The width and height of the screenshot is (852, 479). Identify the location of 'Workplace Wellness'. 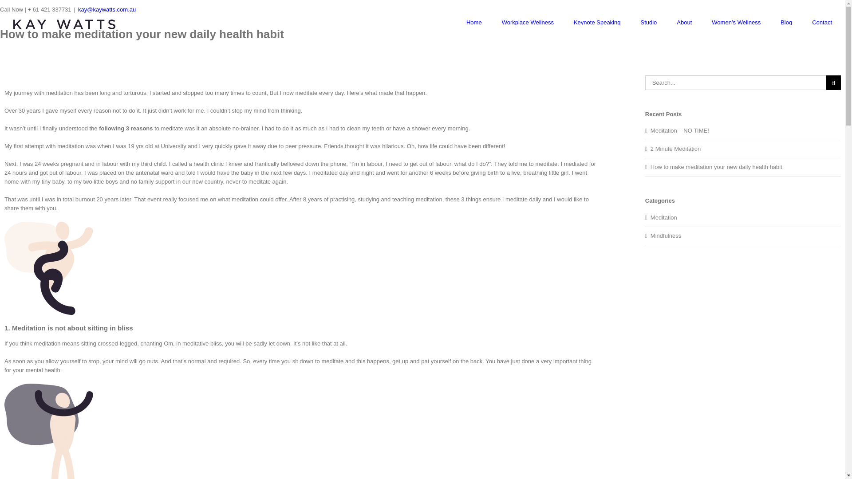
(528, 22).